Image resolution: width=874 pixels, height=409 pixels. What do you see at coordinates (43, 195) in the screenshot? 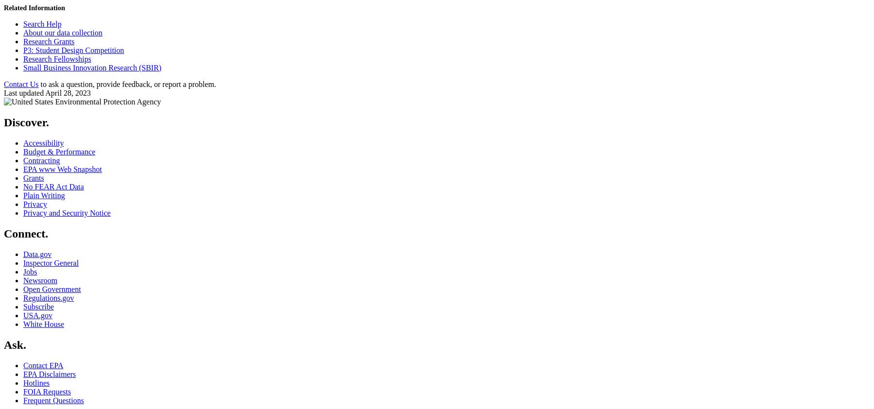
I see `'Plain Writing'` at bounding box center [43, 195].